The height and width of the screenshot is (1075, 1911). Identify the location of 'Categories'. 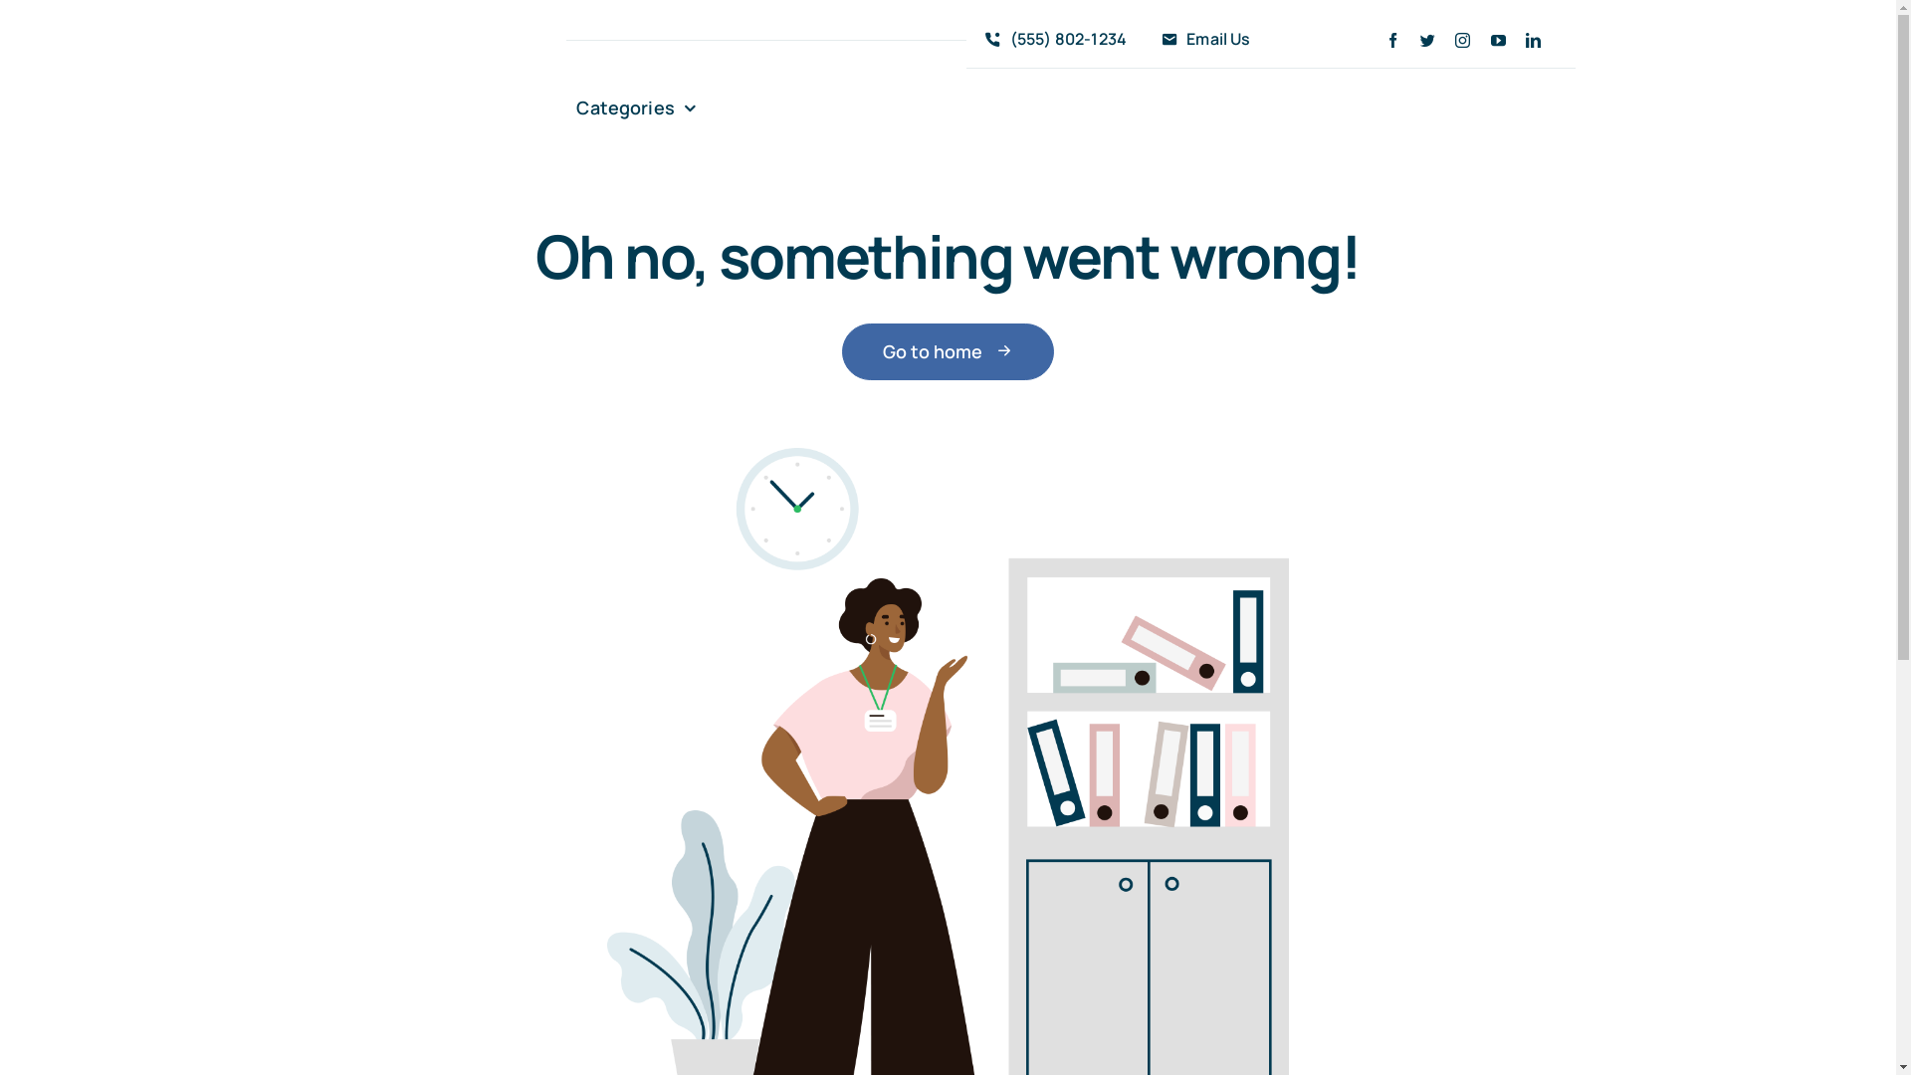
(634, 107).